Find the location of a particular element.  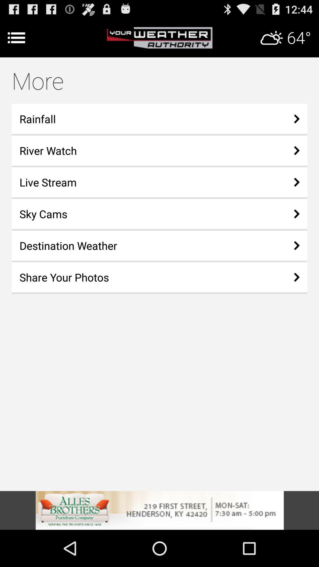

learn more about this advertisement is located at coordinates (159, 510).